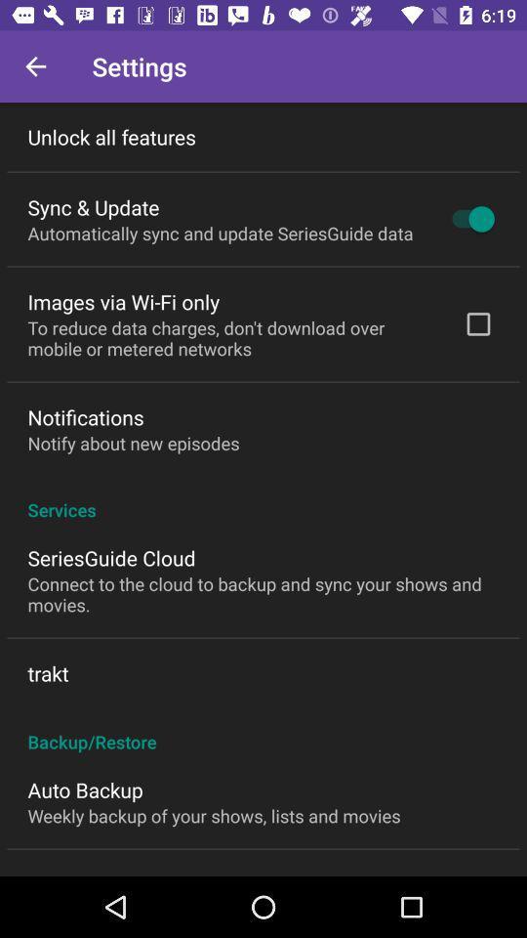 Image resolution: width=527 pixels, height=938 pixels. What do you see at coordinates (232, 338) in the screenshot?
I see `the item below the images via wi` at bounding box center [232, 338].